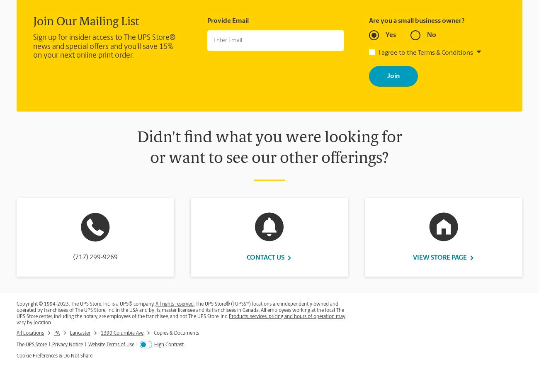  What do you see at coordinates (95, 257) in the screenshot?
I see `'(717) 299-9269'` at bounding box center [95, 257].